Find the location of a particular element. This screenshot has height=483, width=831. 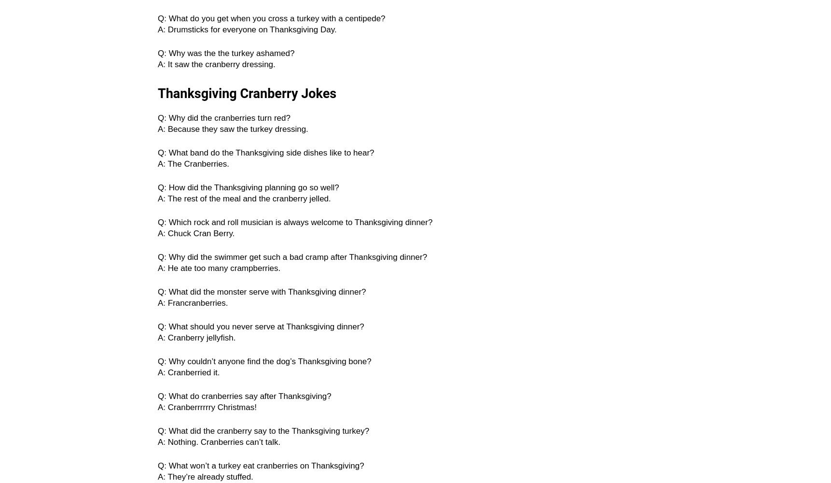

'Q: What won’t a turkey eat cranberries on Thanksgiving?' is located at coordinates (261, 465).